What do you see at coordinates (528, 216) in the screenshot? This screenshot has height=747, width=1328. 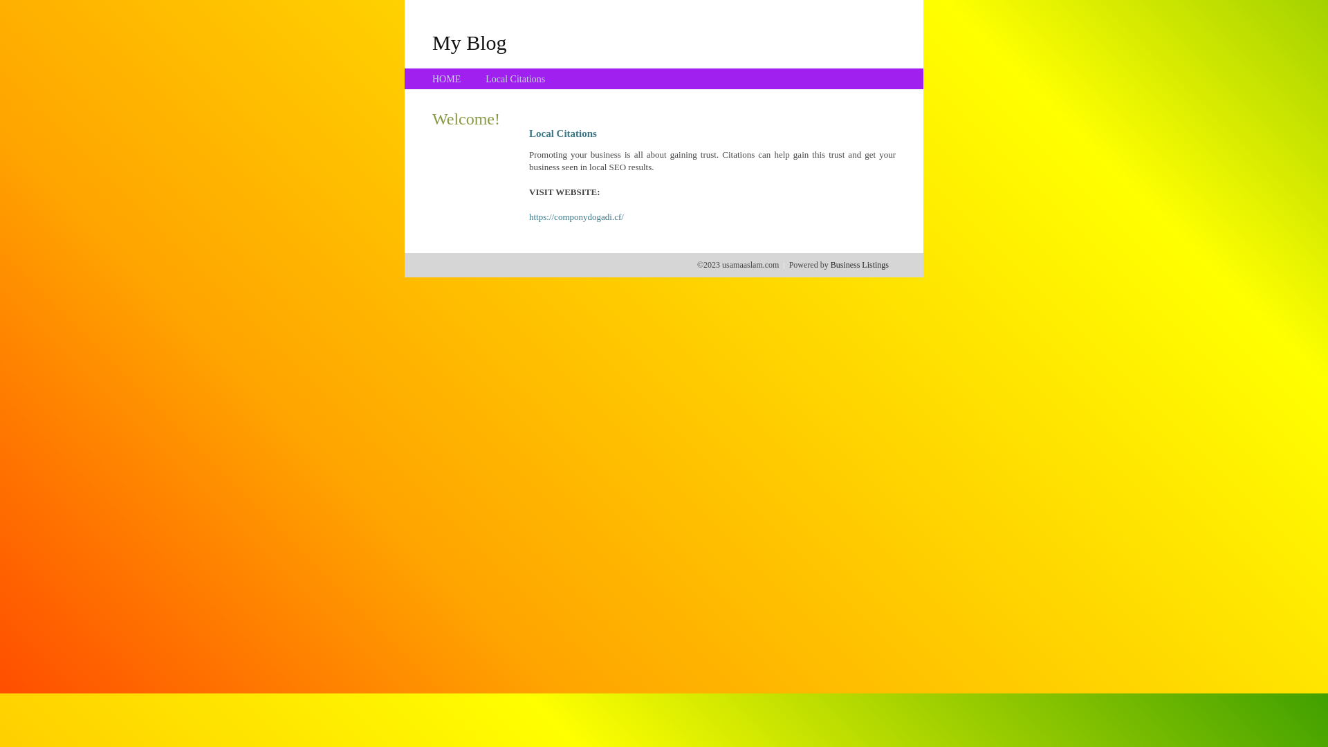 I see `'https://componydogadi.cf/'` at bounding box center [528, 216].